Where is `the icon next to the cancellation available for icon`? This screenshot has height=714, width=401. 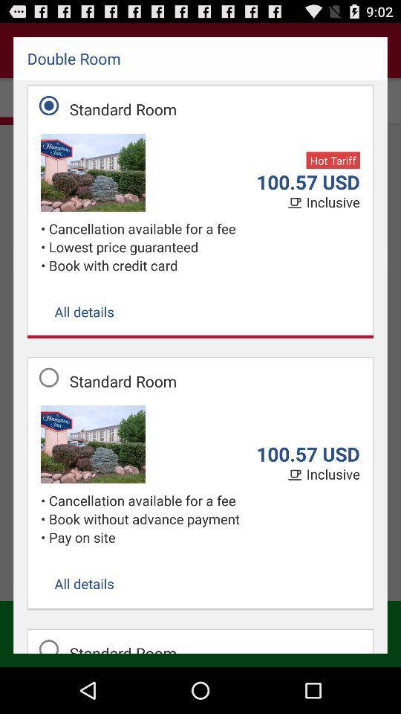 the icon next to the cancellation available for icon is located at coordinates (45, 247).